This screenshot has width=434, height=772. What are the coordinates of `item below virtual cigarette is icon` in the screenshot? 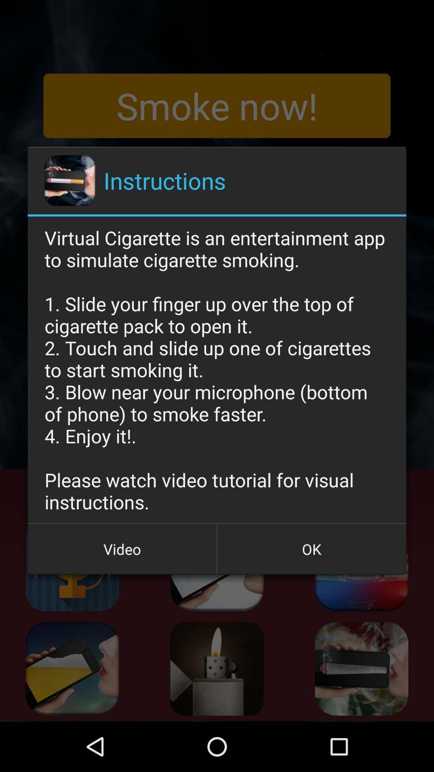 It's located at (122, 548).